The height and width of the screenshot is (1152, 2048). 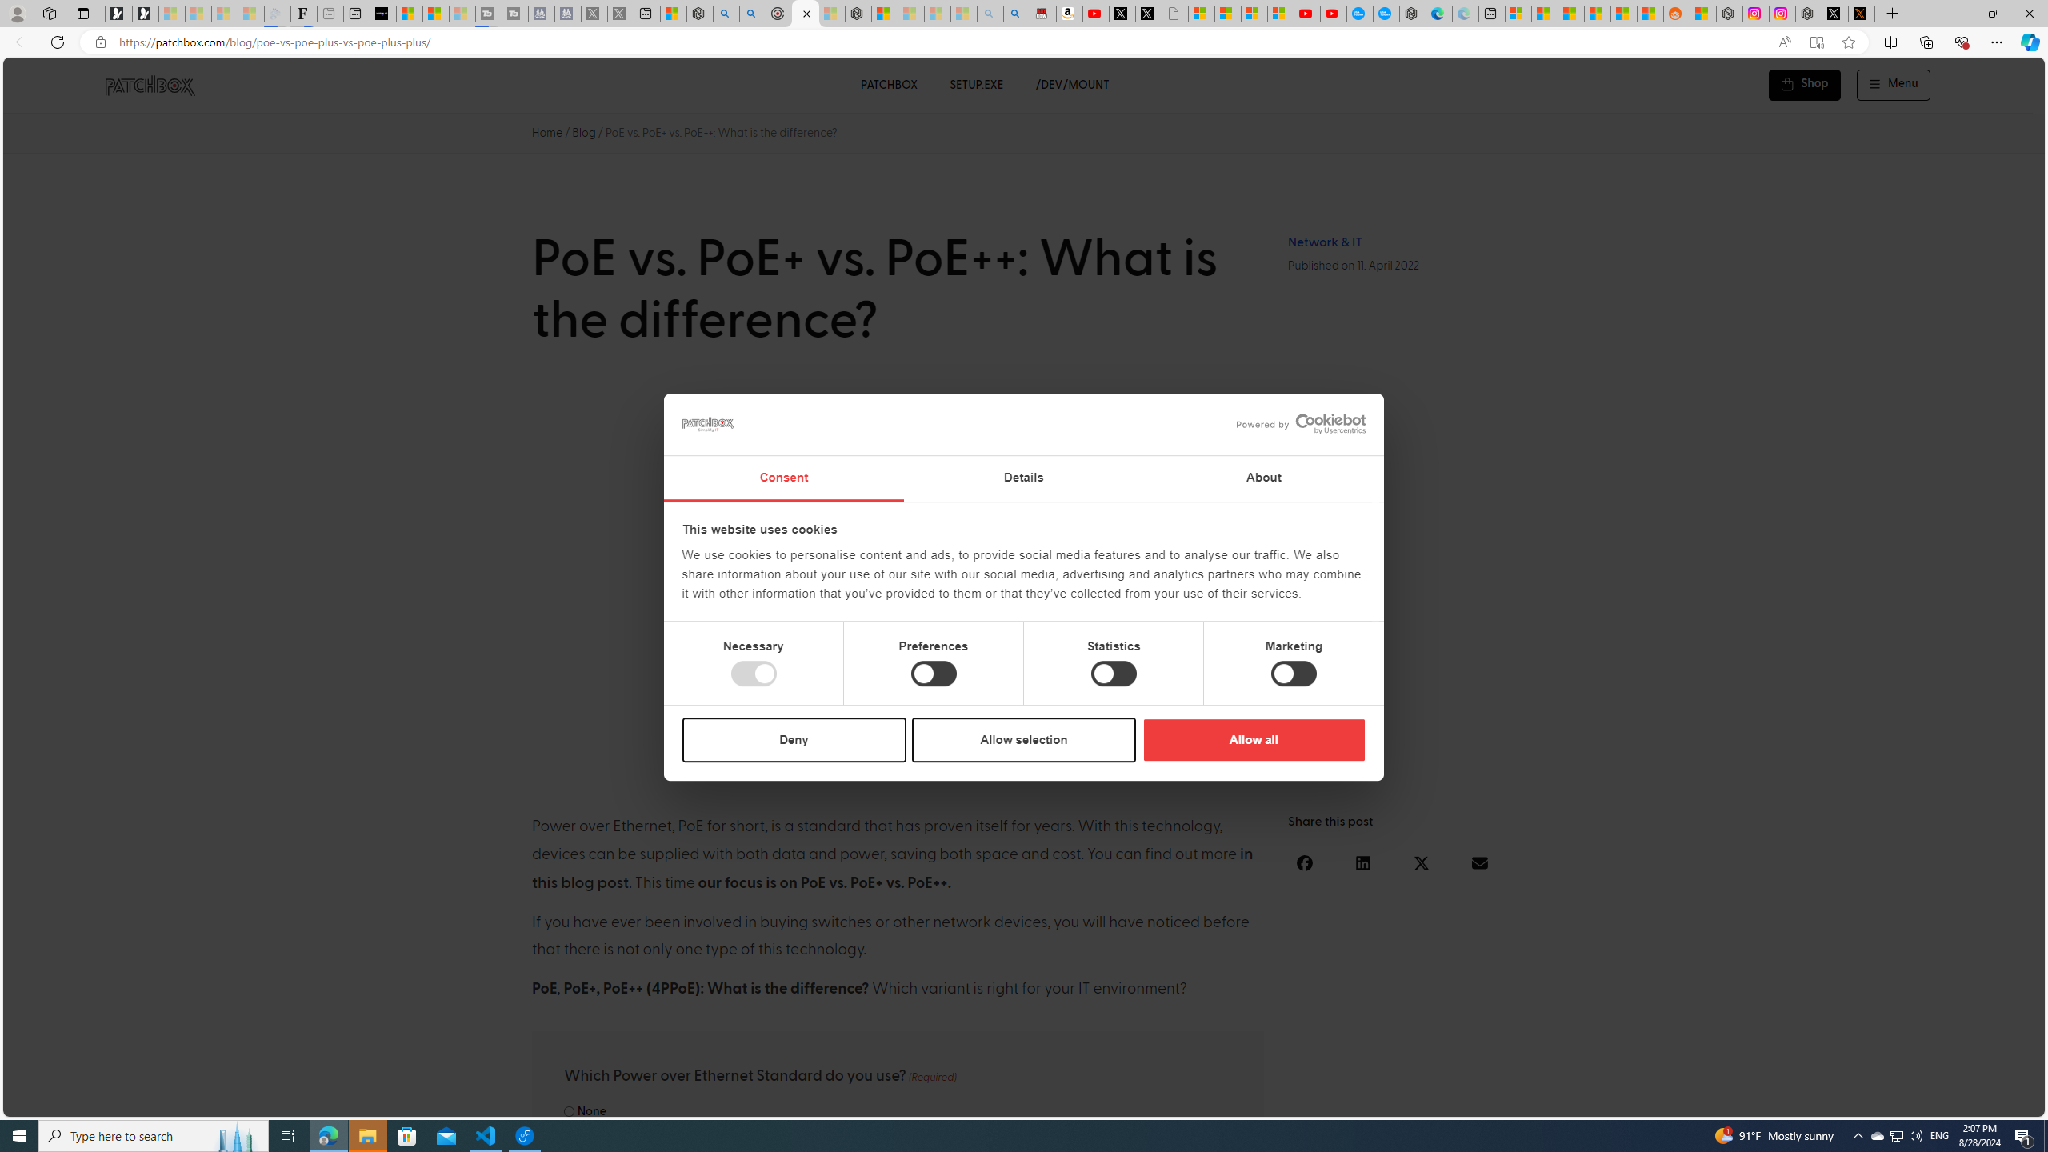 What do you see at coordinates (1294, 423) in the screenshot?
I see `'logo - opens in a new window'` at bounding box center [1294, 423].